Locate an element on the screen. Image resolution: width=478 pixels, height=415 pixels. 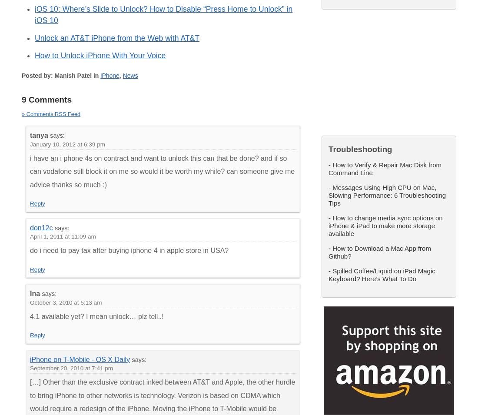
'How to Download a Mac App from Github?' is located at coordinates (328, 252).